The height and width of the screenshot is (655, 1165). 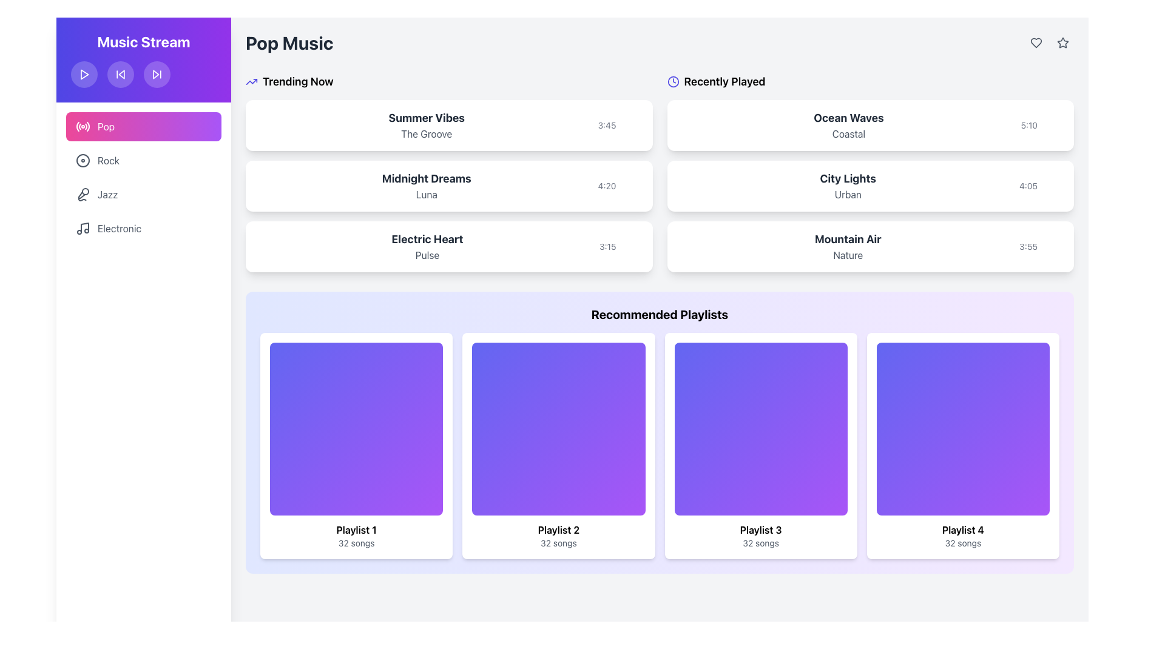 What do you see at coordinates (427, 186) in the screenshot?
I see `titles displayed in the text block located in the middle of the second row within the 'Trending Now' section` at bounding box center [427, 186].